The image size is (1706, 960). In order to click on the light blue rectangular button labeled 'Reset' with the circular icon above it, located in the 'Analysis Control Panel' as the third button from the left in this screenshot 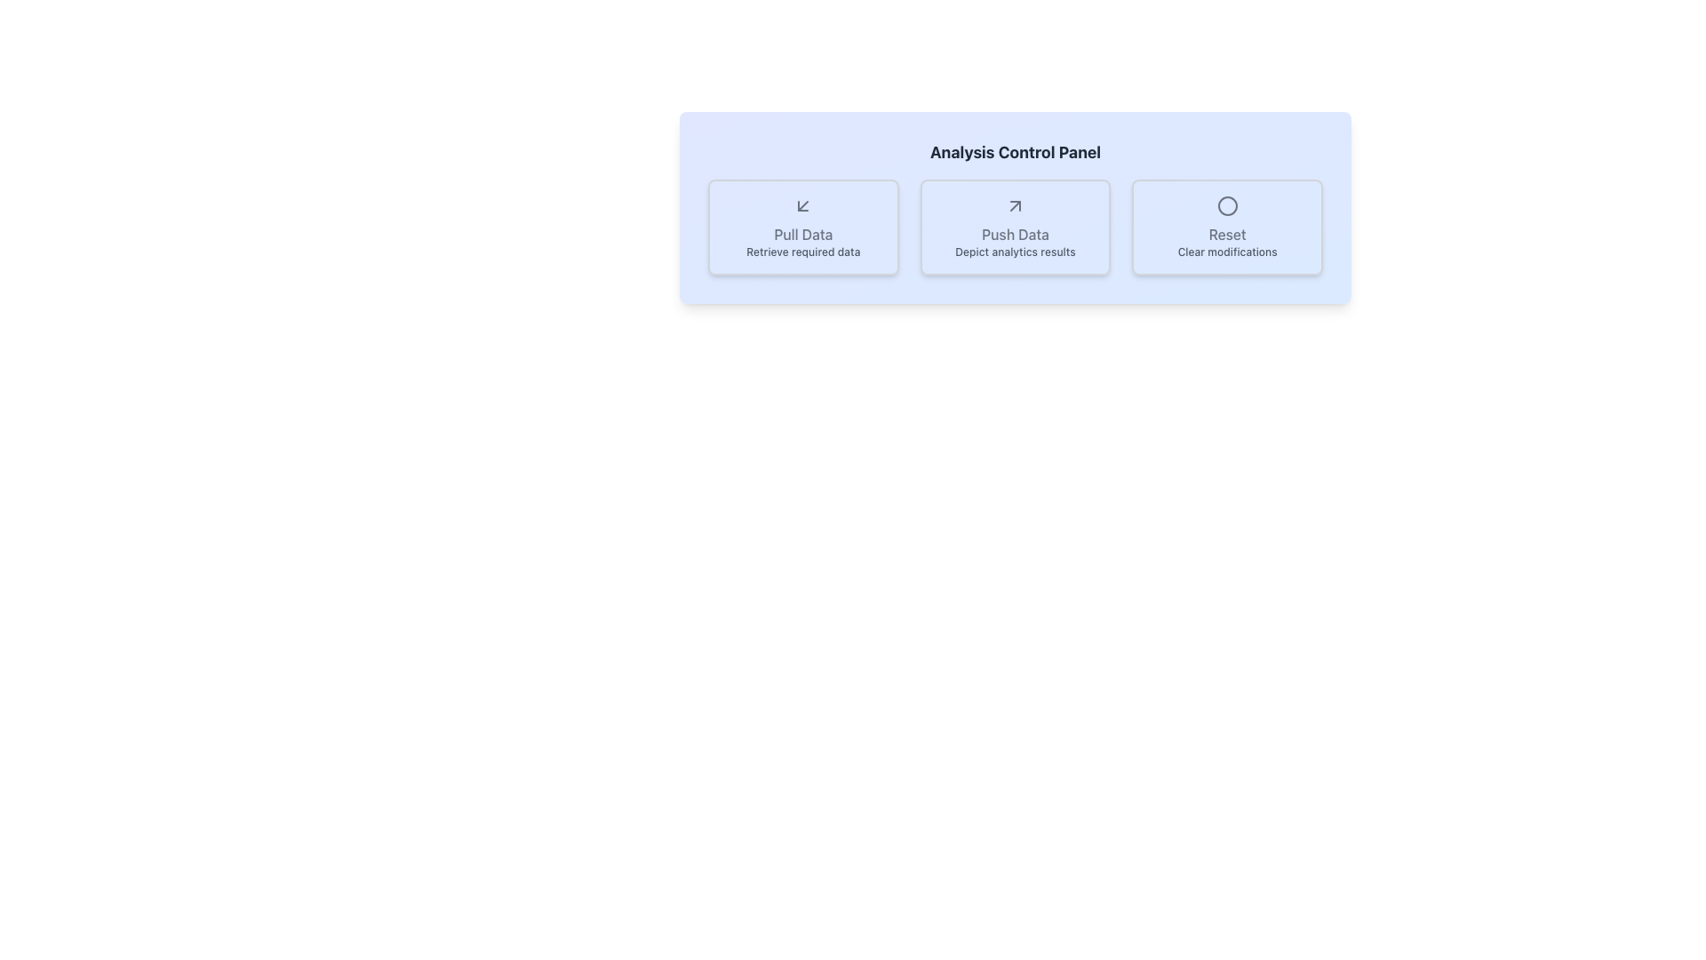, I will do `click(1226, 226)`.